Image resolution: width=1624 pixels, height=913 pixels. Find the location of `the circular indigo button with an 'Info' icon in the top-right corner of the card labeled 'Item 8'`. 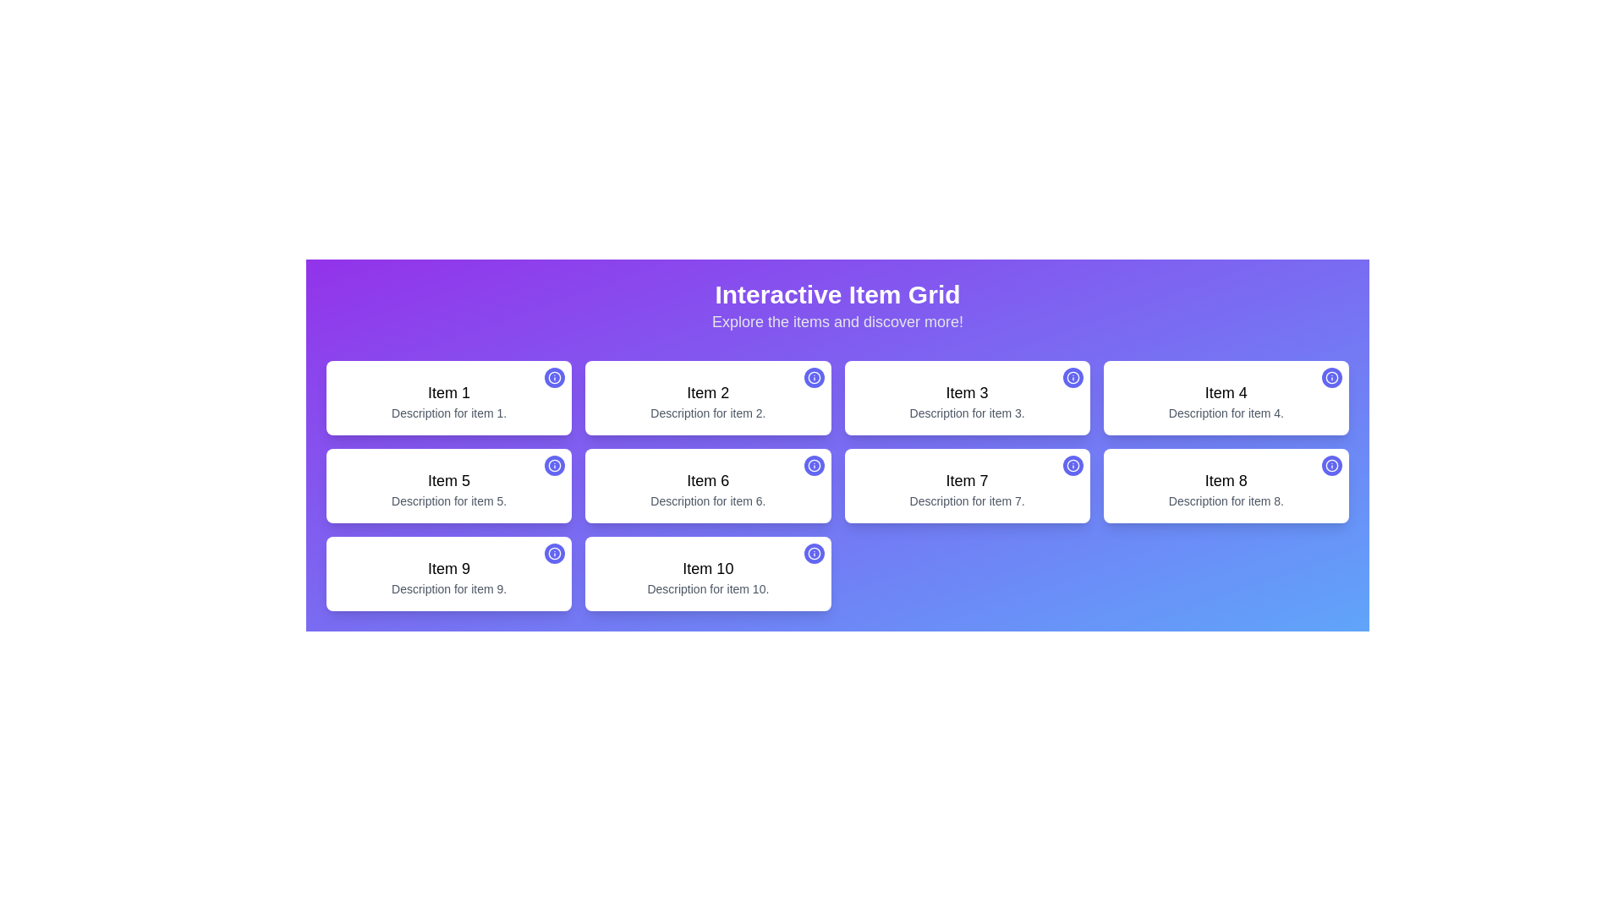

the circular indigo button with an 'Info' icon in the top-right corner of the card labeled 'Item 8' is located at coordinates (1330, 466).